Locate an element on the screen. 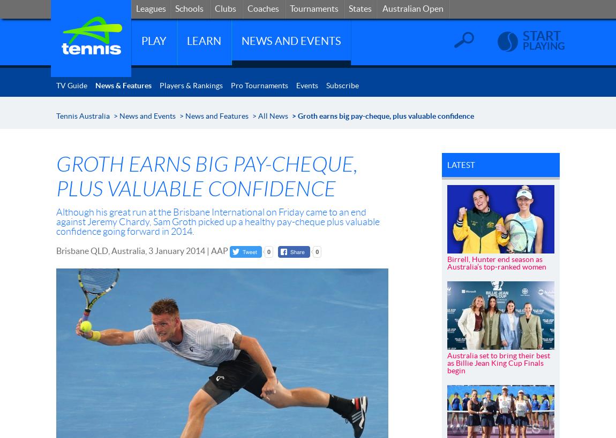  'All News' is located at coordinates (273, 116).